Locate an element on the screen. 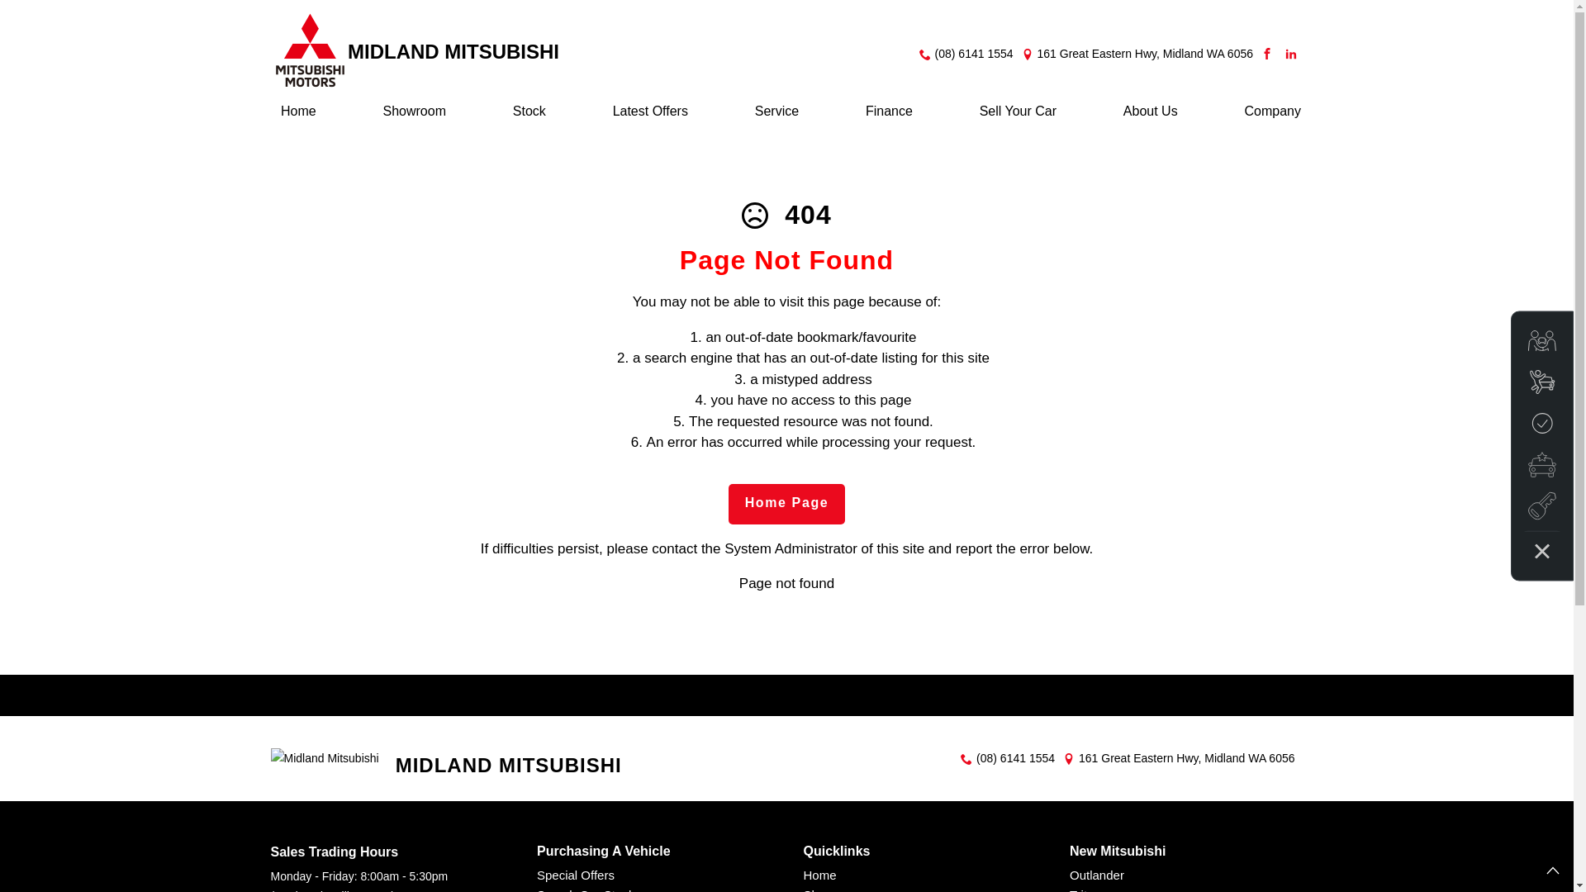 This screenshot has height=892, width=1586. 'Latest Offers' is located at coordinates (649, 116).